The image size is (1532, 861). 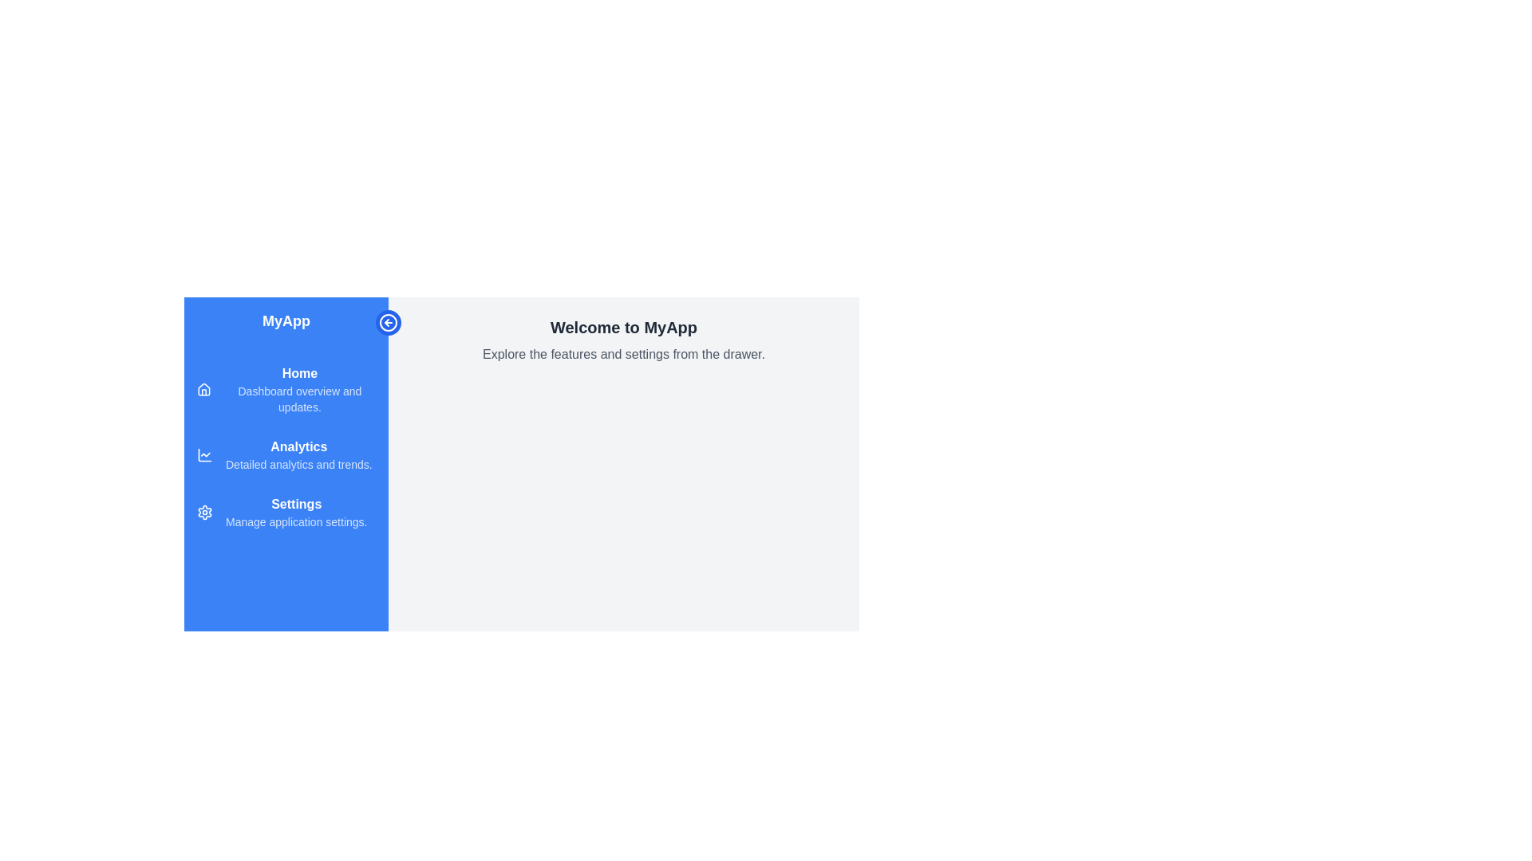 I want to click on the menu item Settings to navigate to the corresponding section, so click(x=286, y=513).